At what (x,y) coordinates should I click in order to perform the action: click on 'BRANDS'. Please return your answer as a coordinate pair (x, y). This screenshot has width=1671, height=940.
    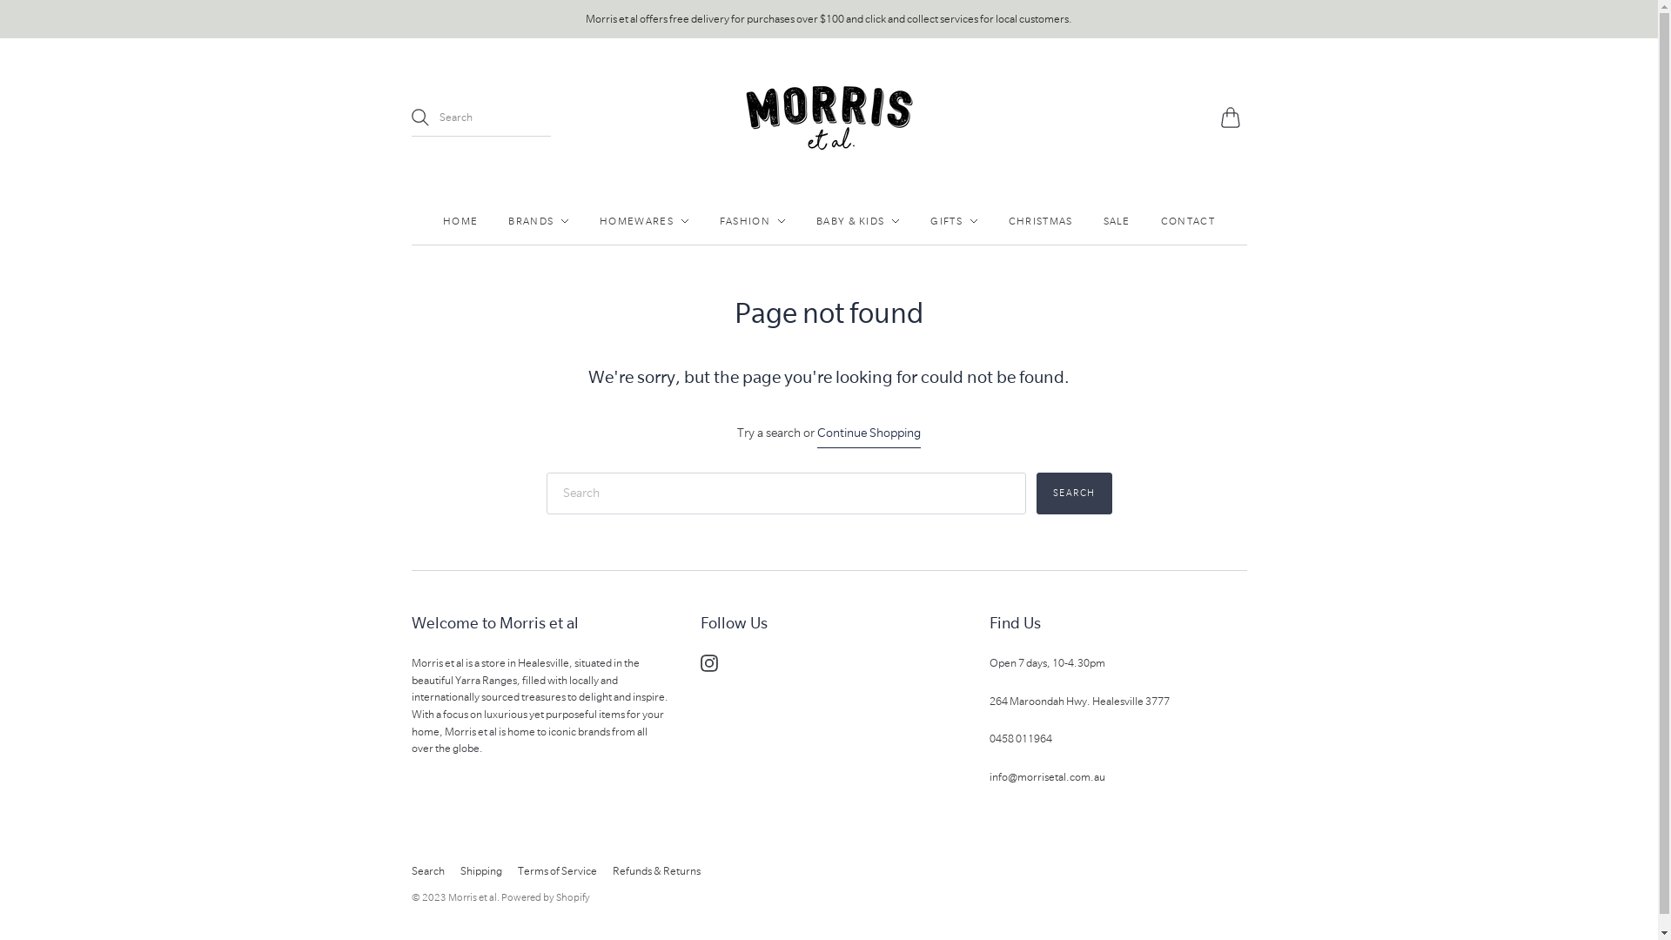
    Looking at the image, I should click on (538, 220).